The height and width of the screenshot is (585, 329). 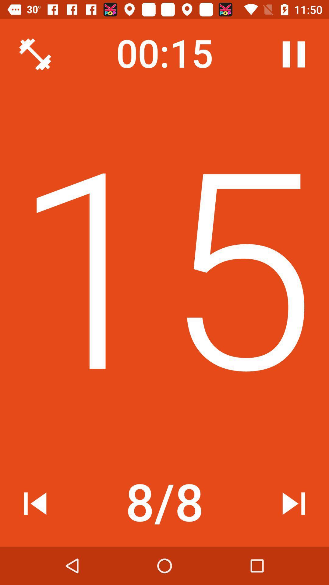 I want to click on the icon at the bottom right corner, so click(x=293, y=503).